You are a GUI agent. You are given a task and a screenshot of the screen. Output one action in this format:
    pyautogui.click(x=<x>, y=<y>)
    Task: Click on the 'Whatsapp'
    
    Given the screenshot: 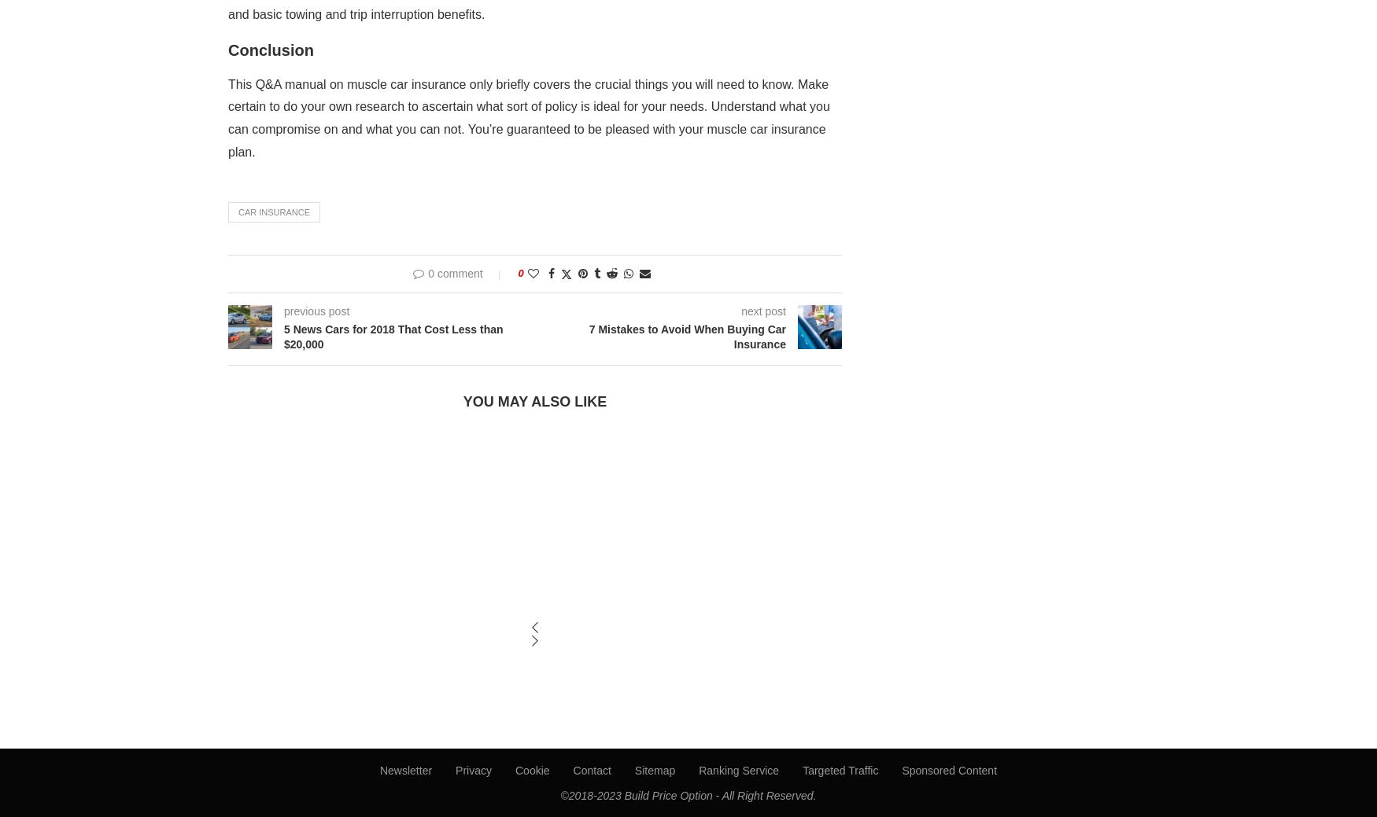 What is the action you would take?
    pyautogui.click(x=627, y=306)
    